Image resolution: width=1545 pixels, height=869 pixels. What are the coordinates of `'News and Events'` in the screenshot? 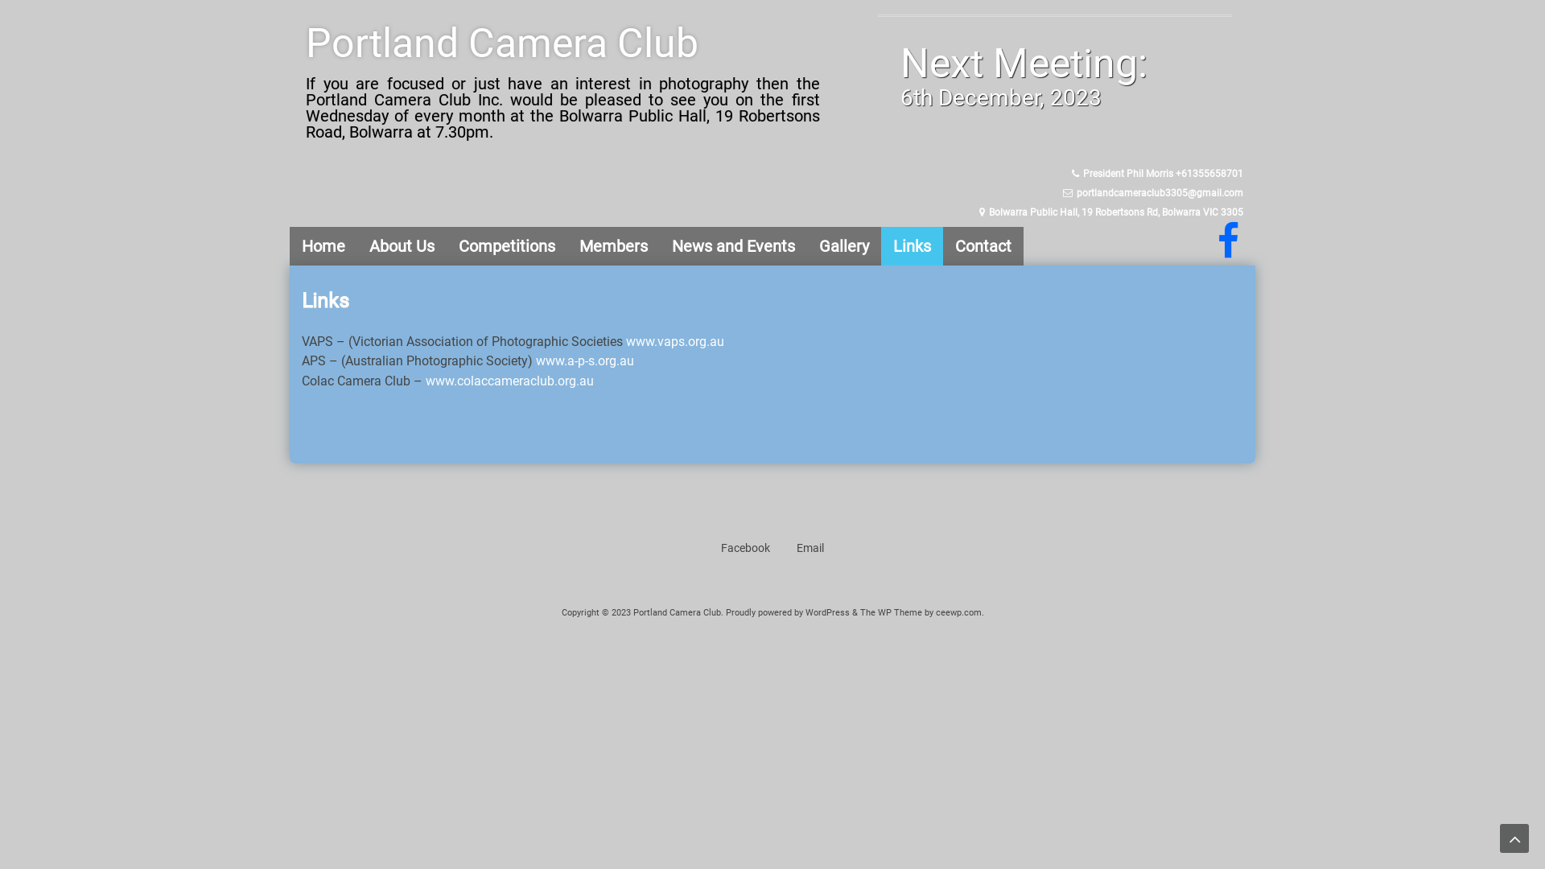 It's located at (660, 245).